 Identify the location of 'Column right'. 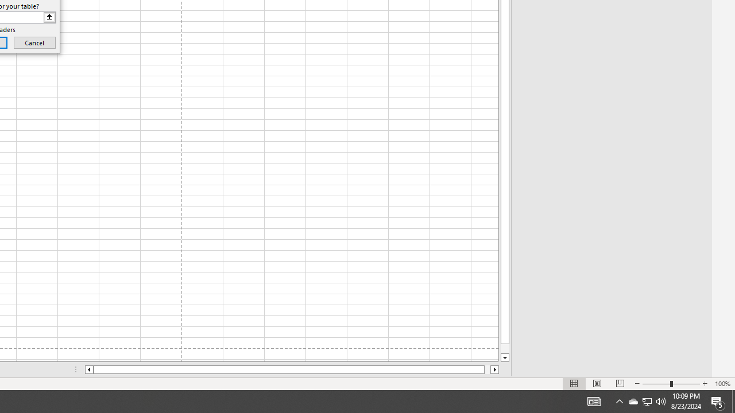
(495, 369).